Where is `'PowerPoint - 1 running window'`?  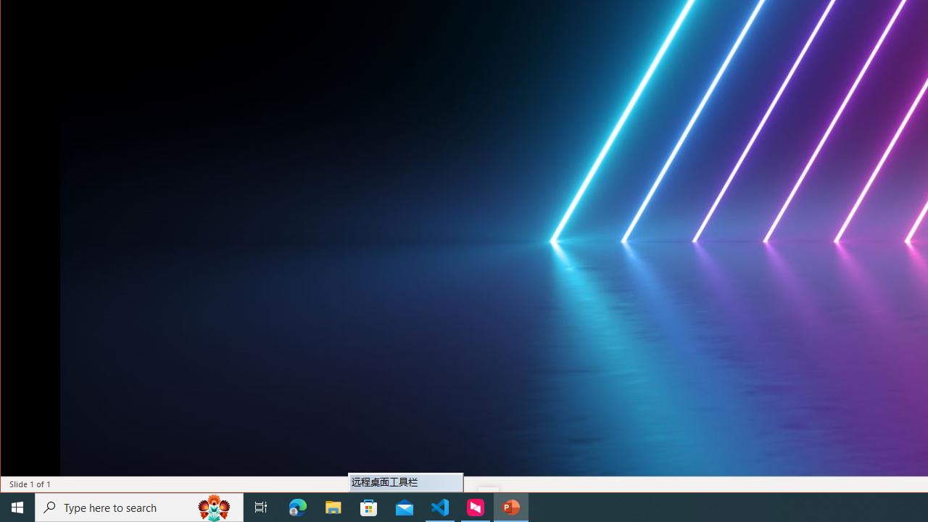
'PowerPoint - 1 running window' is located at coordinates (511, 506).